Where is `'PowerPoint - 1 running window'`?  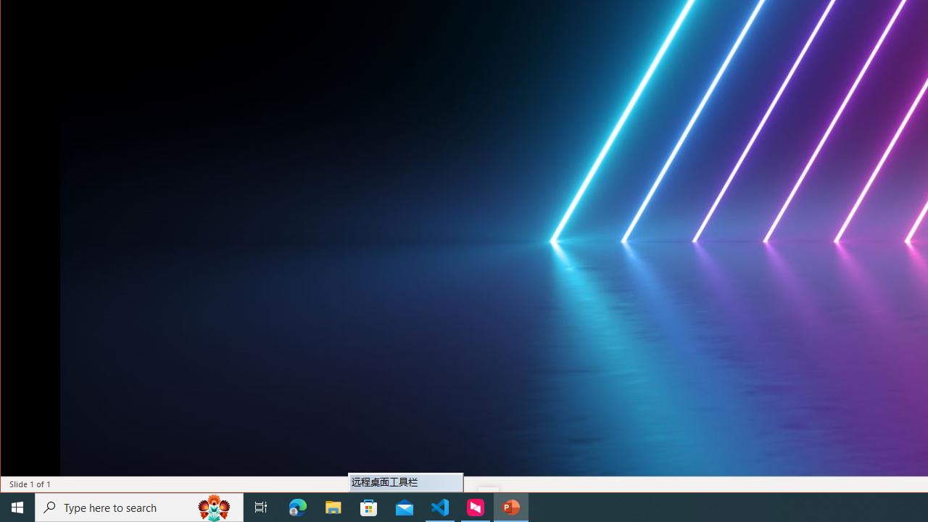
'PowerPoint - 1 running window' is located at coordinates (511, 506).